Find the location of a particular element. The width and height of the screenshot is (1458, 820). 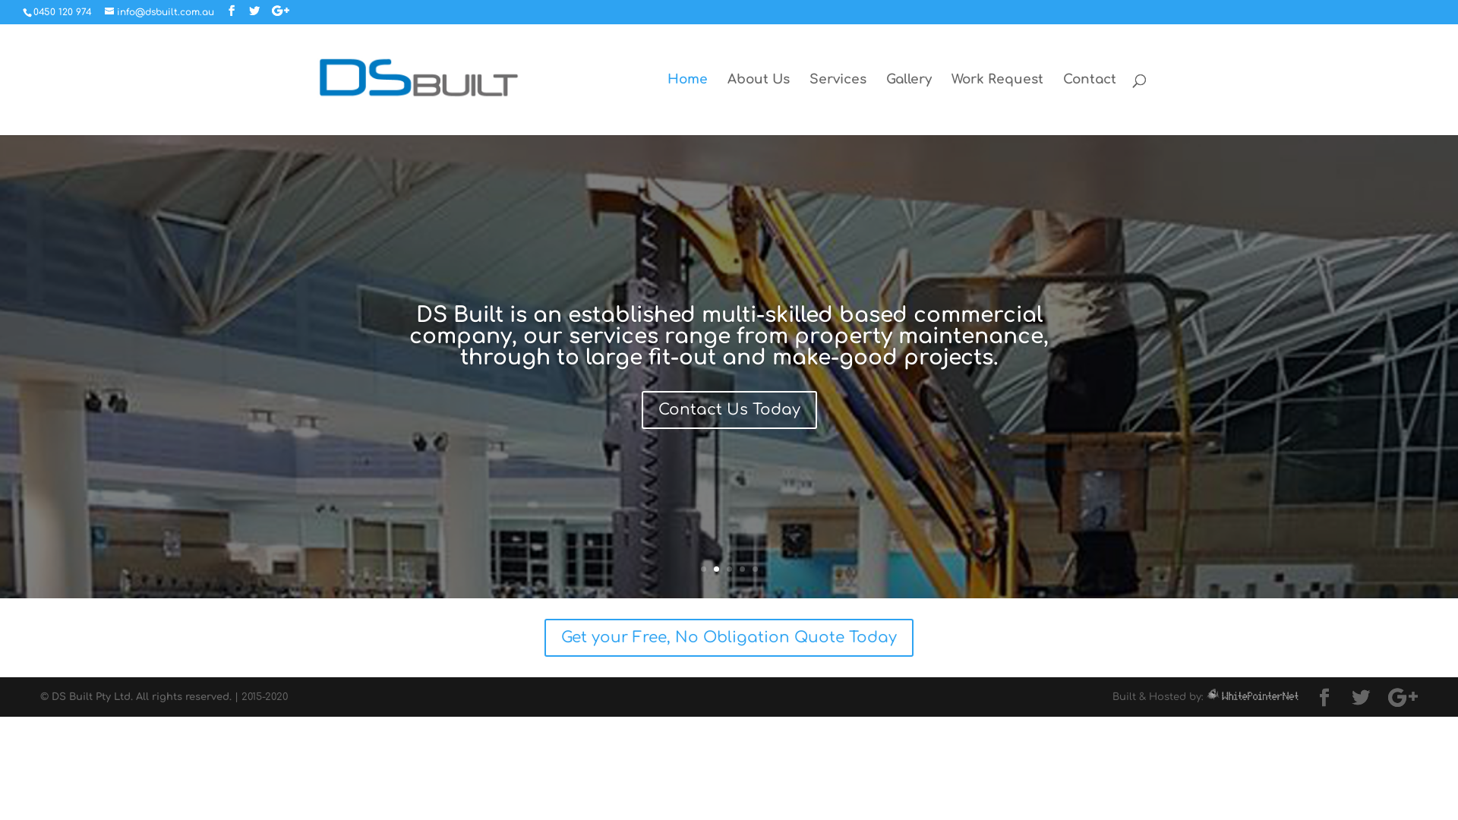

'DS Built Pty Ltd. All rights reserved.' is located at coordinates (51, 697).